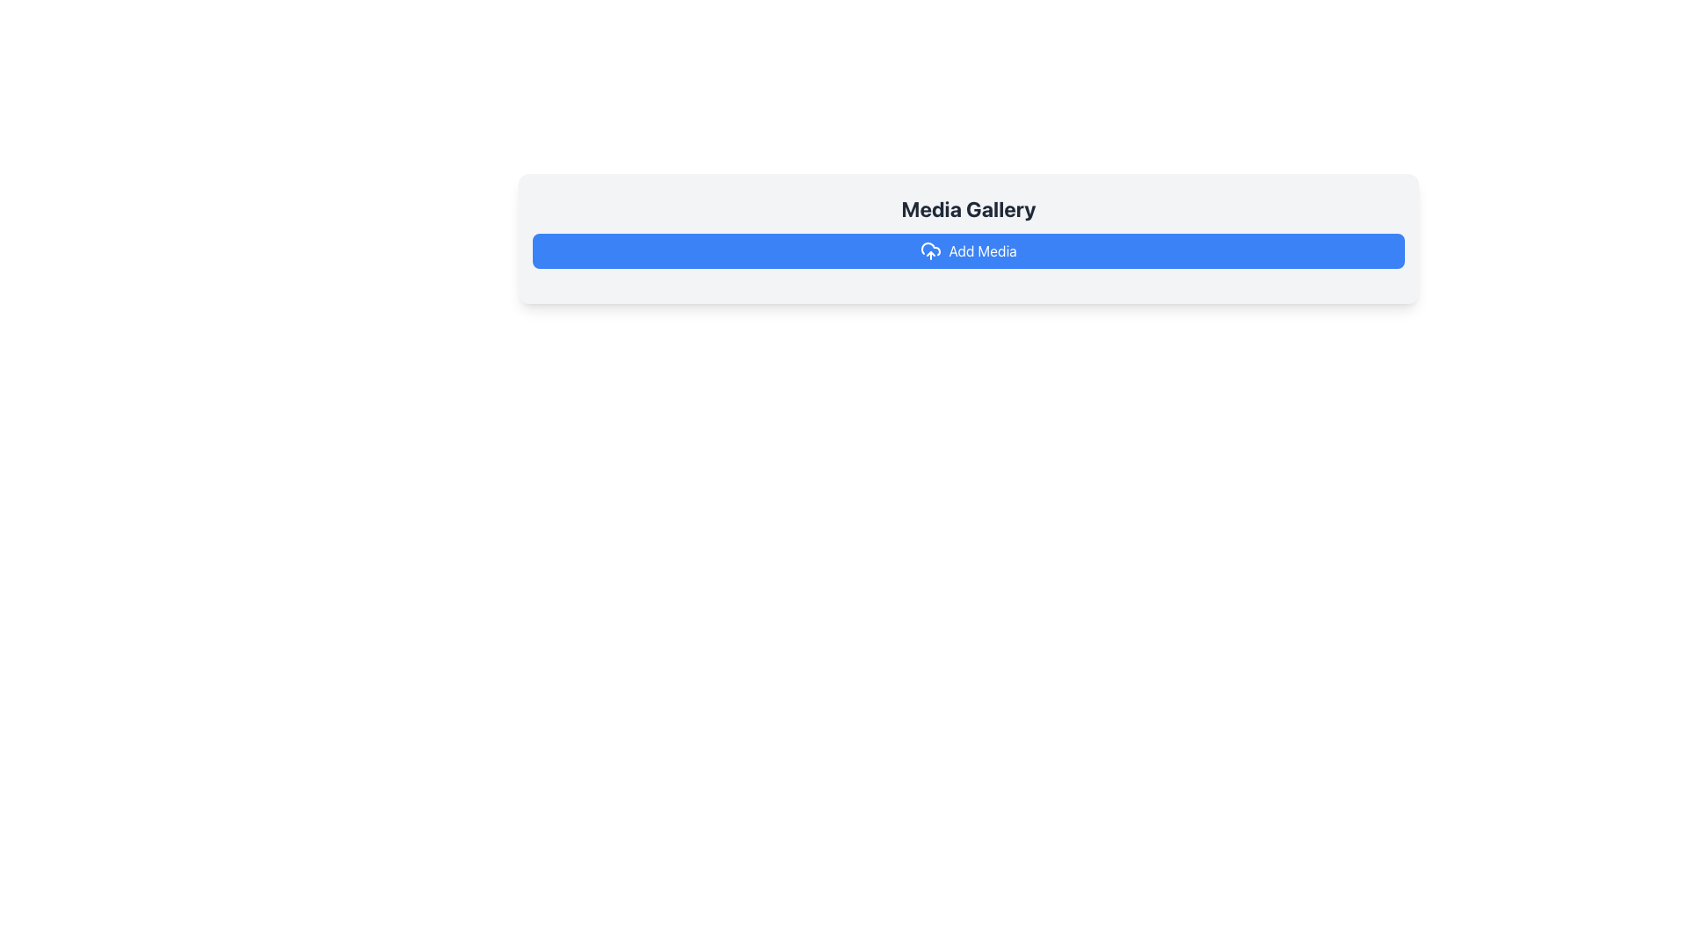  I want to click on the 'Add Media' button that contains a cloud graphic SVG icon, specifically clicking on the button to initiate media upload, so click(930, 248).